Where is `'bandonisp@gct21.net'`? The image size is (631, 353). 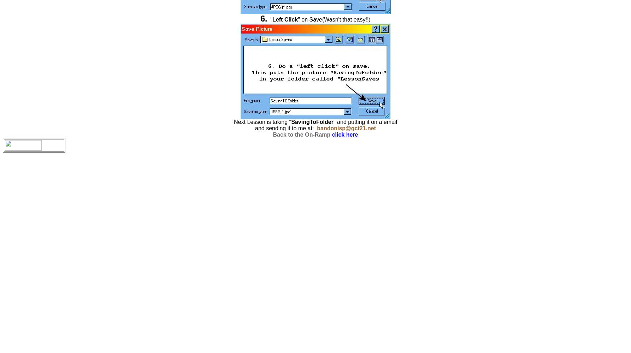 'bandonisp@gct21.net' is located at coordinates (346, 128).